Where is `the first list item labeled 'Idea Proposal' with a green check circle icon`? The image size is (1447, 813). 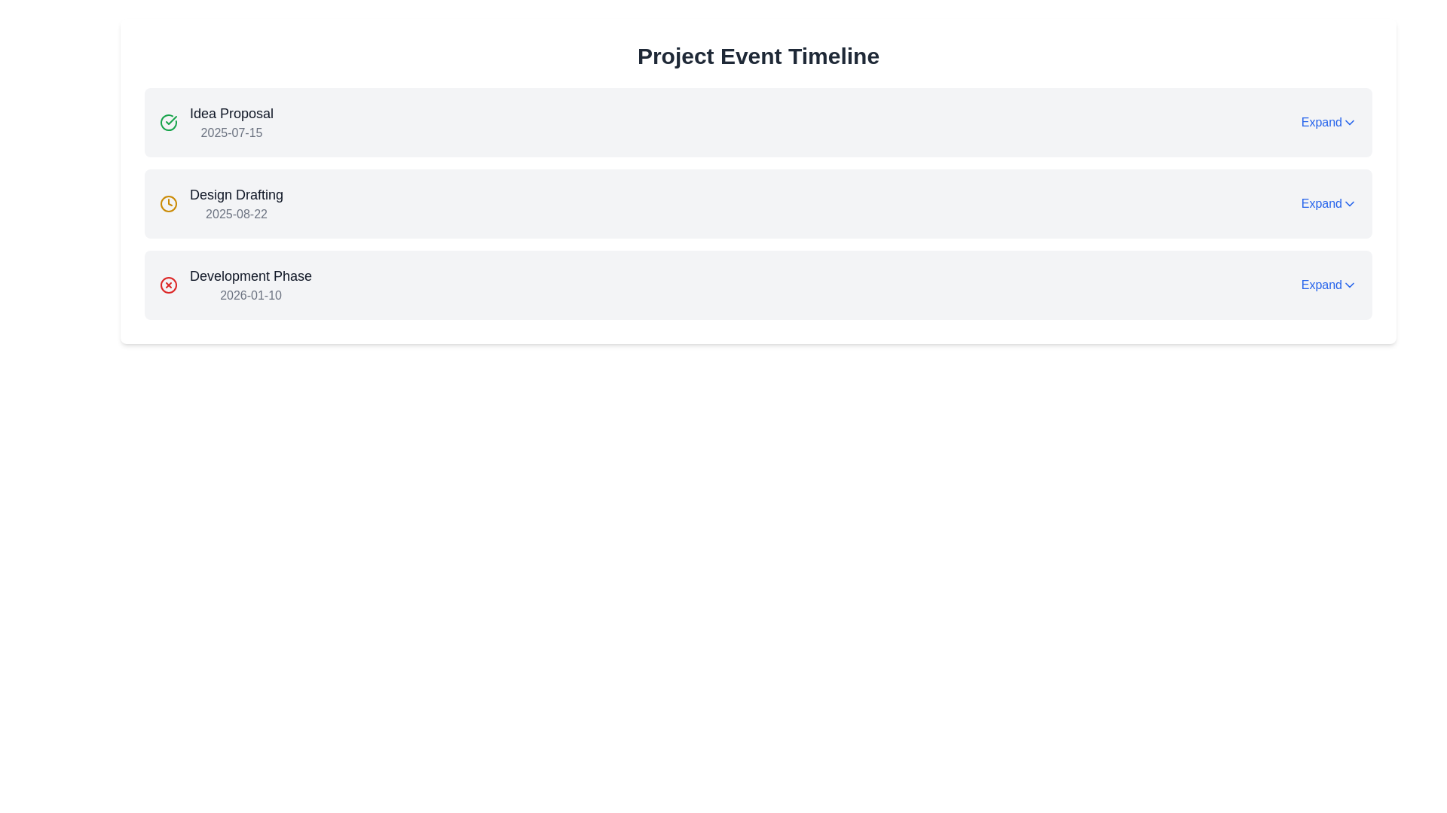 the first list item labeled 'Idea Proposal' with a green check circle icon is located at coordinates (216, 121).